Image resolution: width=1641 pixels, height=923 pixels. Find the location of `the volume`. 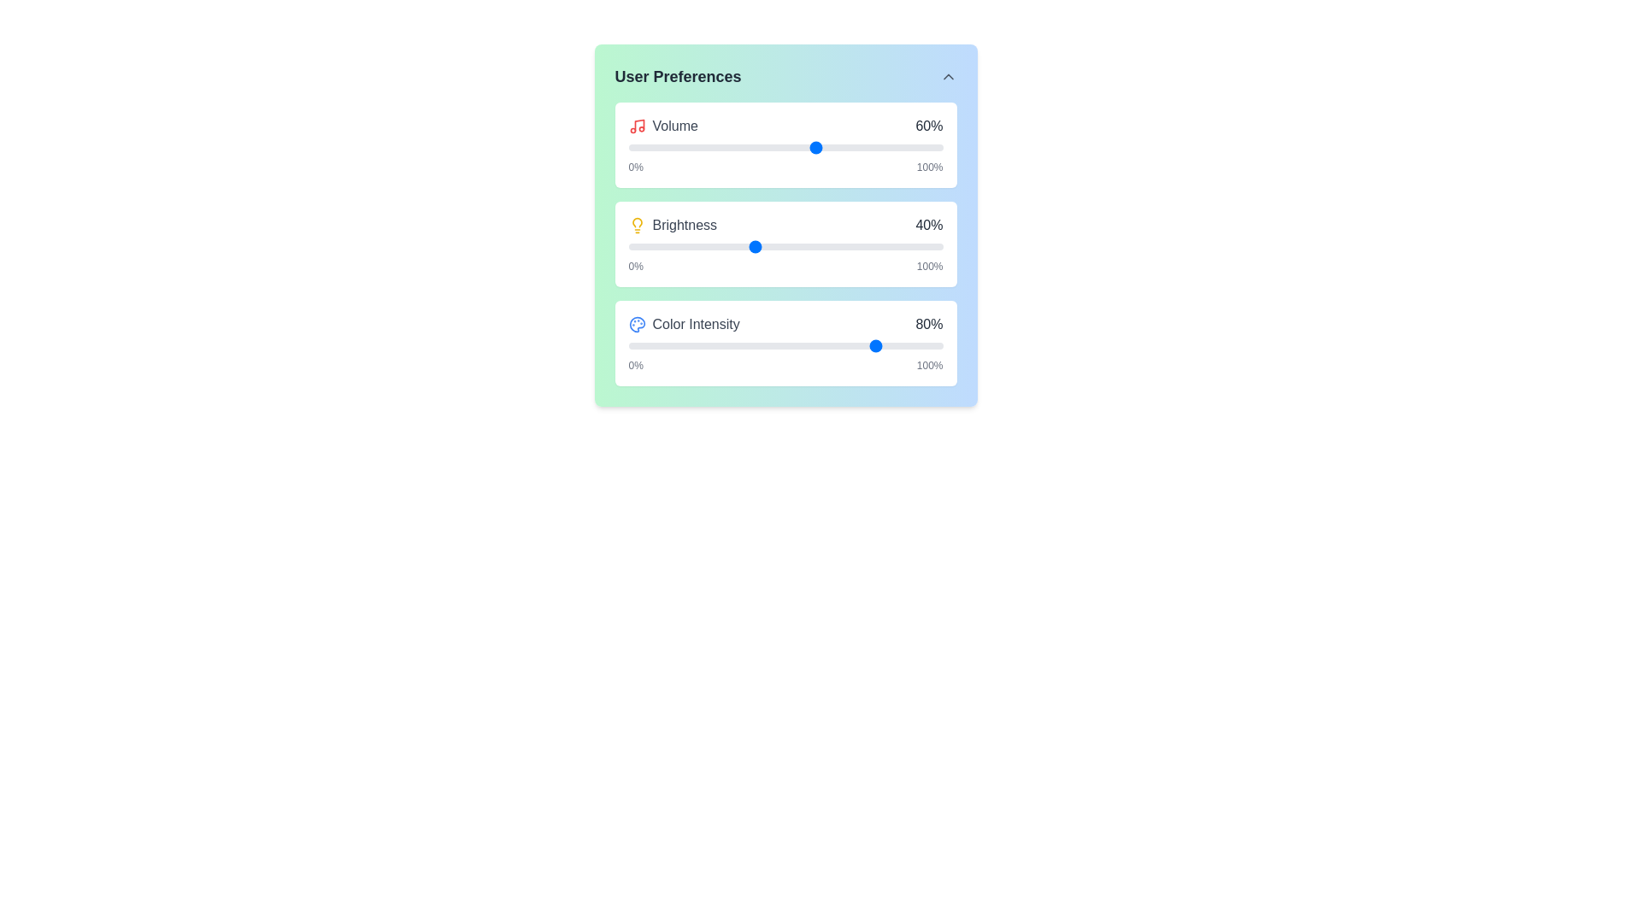

the volume is located at coordinates (720, 147).